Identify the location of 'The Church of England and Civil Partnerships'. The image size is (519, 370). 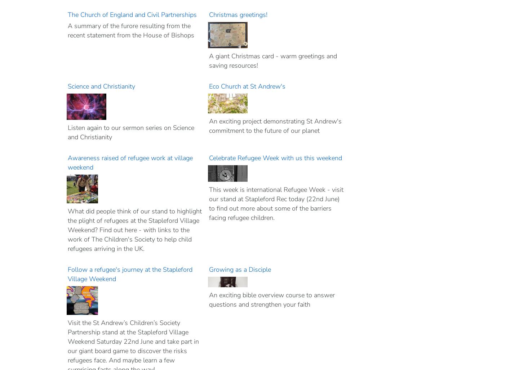
(132, 15).